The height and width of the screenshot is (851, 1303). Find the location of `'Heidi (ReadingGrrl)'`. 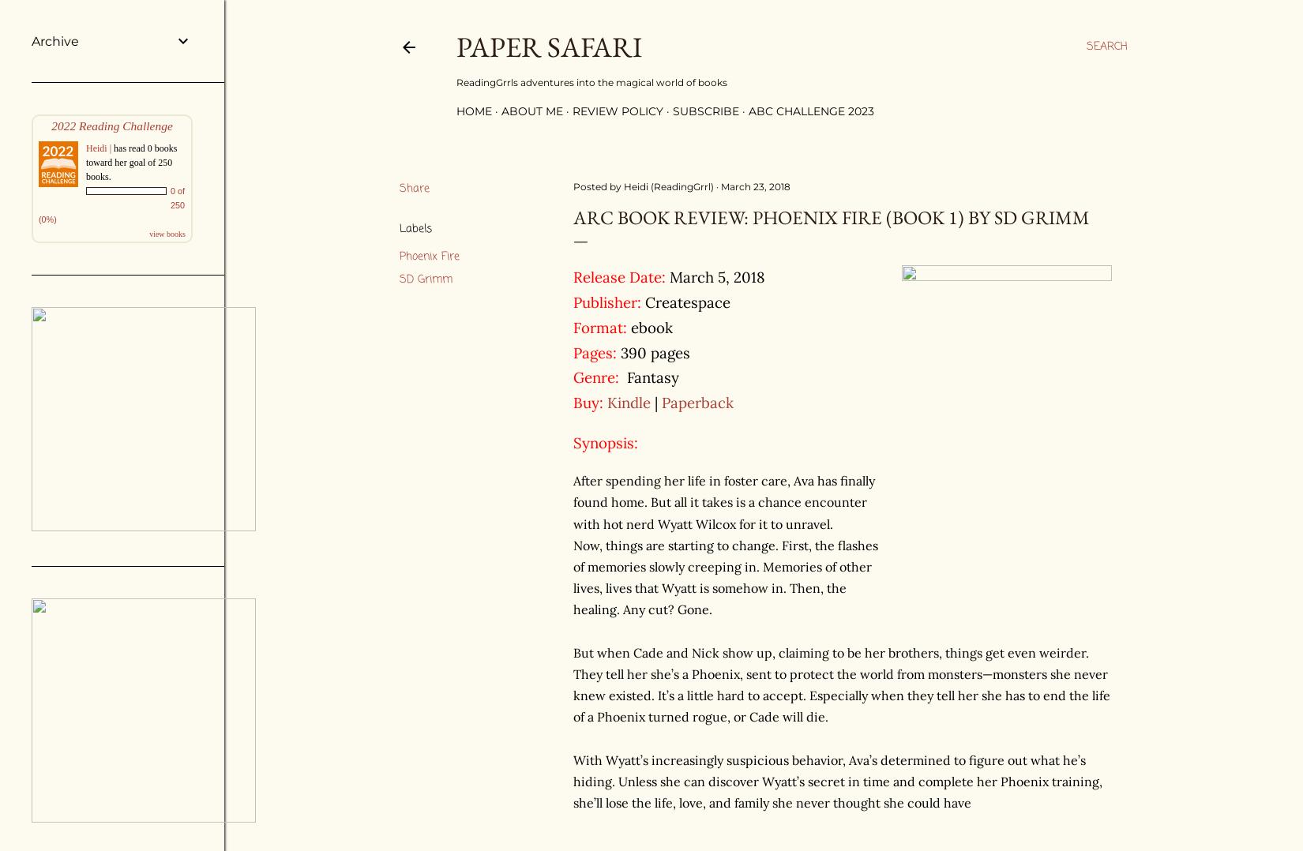

'Heidi (ReadingGrrl)' is located at coordinates (668, 186).